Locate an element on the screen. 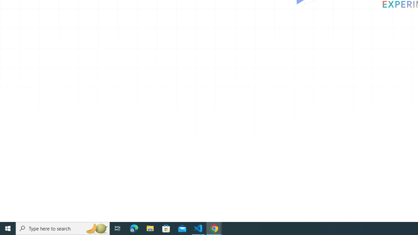  'Microsoft Edge' is located at coordinates (134, 228).